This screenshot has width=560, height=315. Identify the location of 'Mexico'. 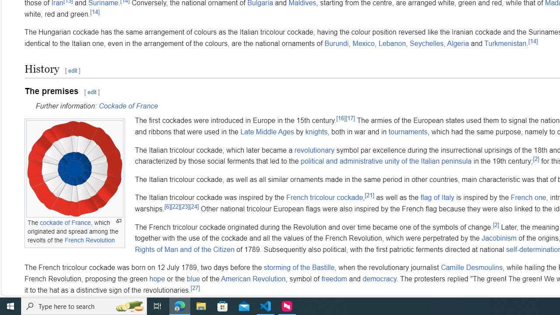
(364, 43).